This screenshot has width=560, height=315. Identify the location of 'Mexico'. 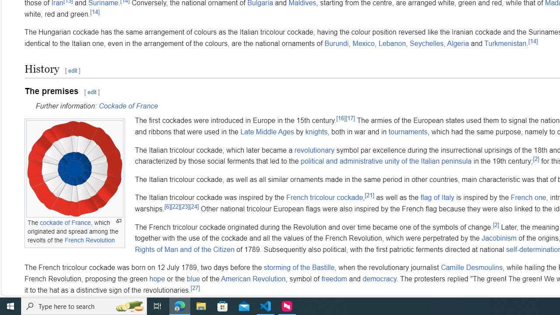
(364, 43).